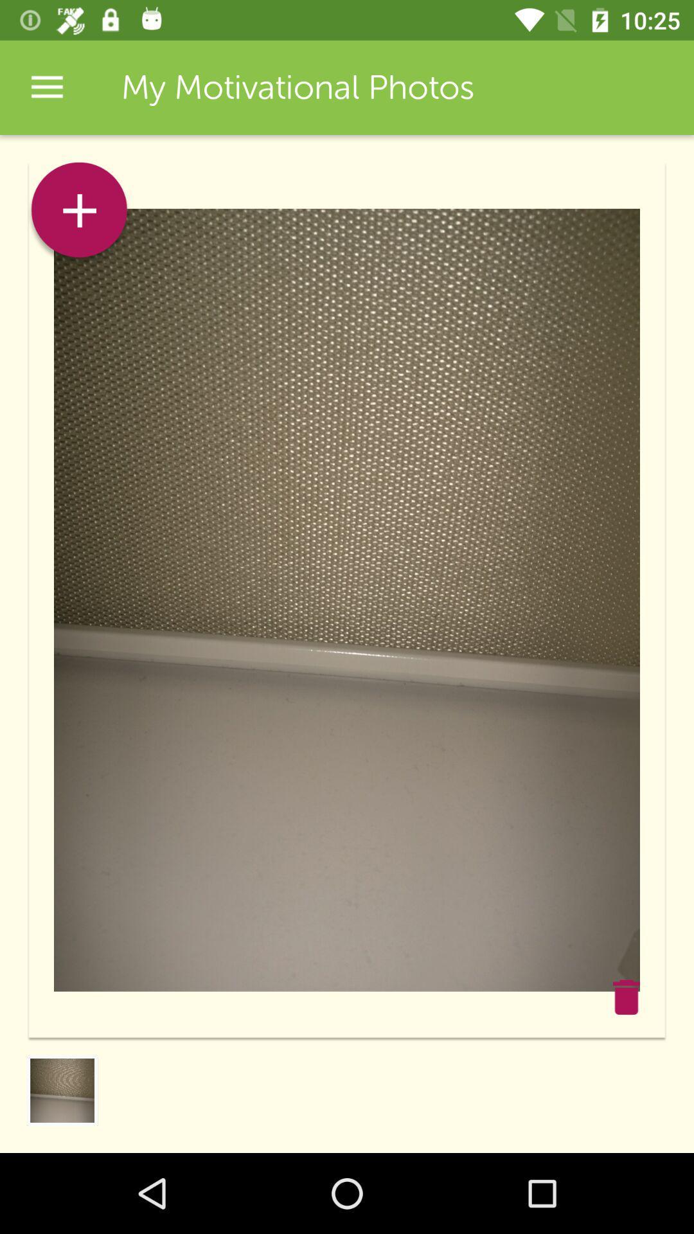 This screenshot has height=1234, width=694. I want to click on the add icon, so click(79, 214).